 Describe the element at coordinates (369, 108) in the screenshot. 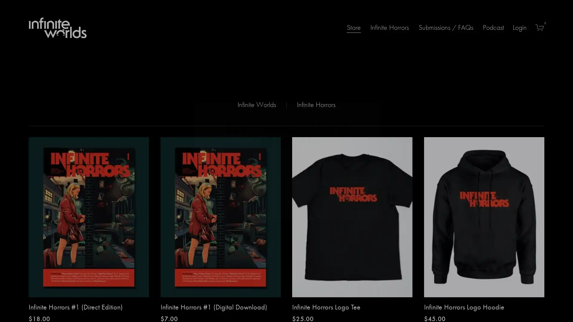

I see `Close` at that location.